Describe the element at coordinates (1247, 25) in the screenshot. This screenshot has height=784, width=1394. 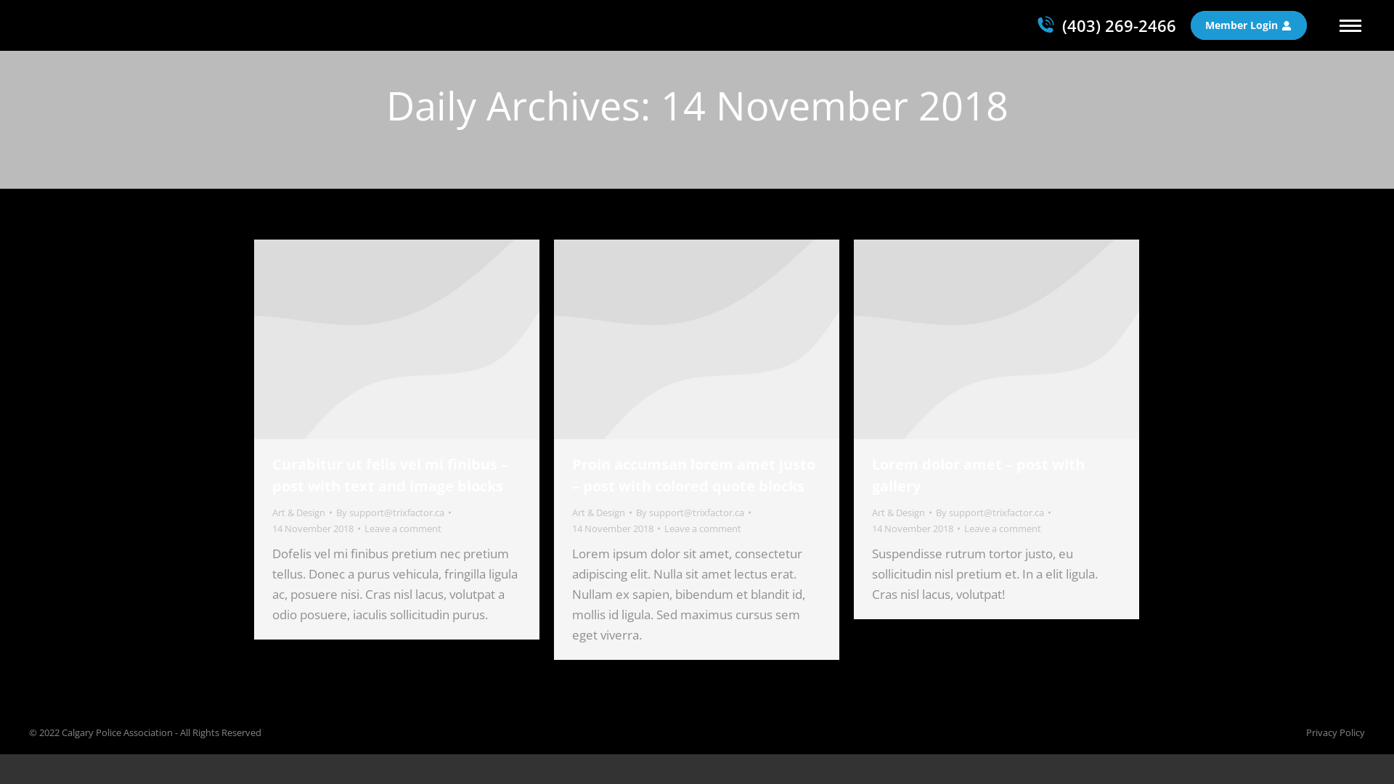
I see `'Member Login'` at that location.